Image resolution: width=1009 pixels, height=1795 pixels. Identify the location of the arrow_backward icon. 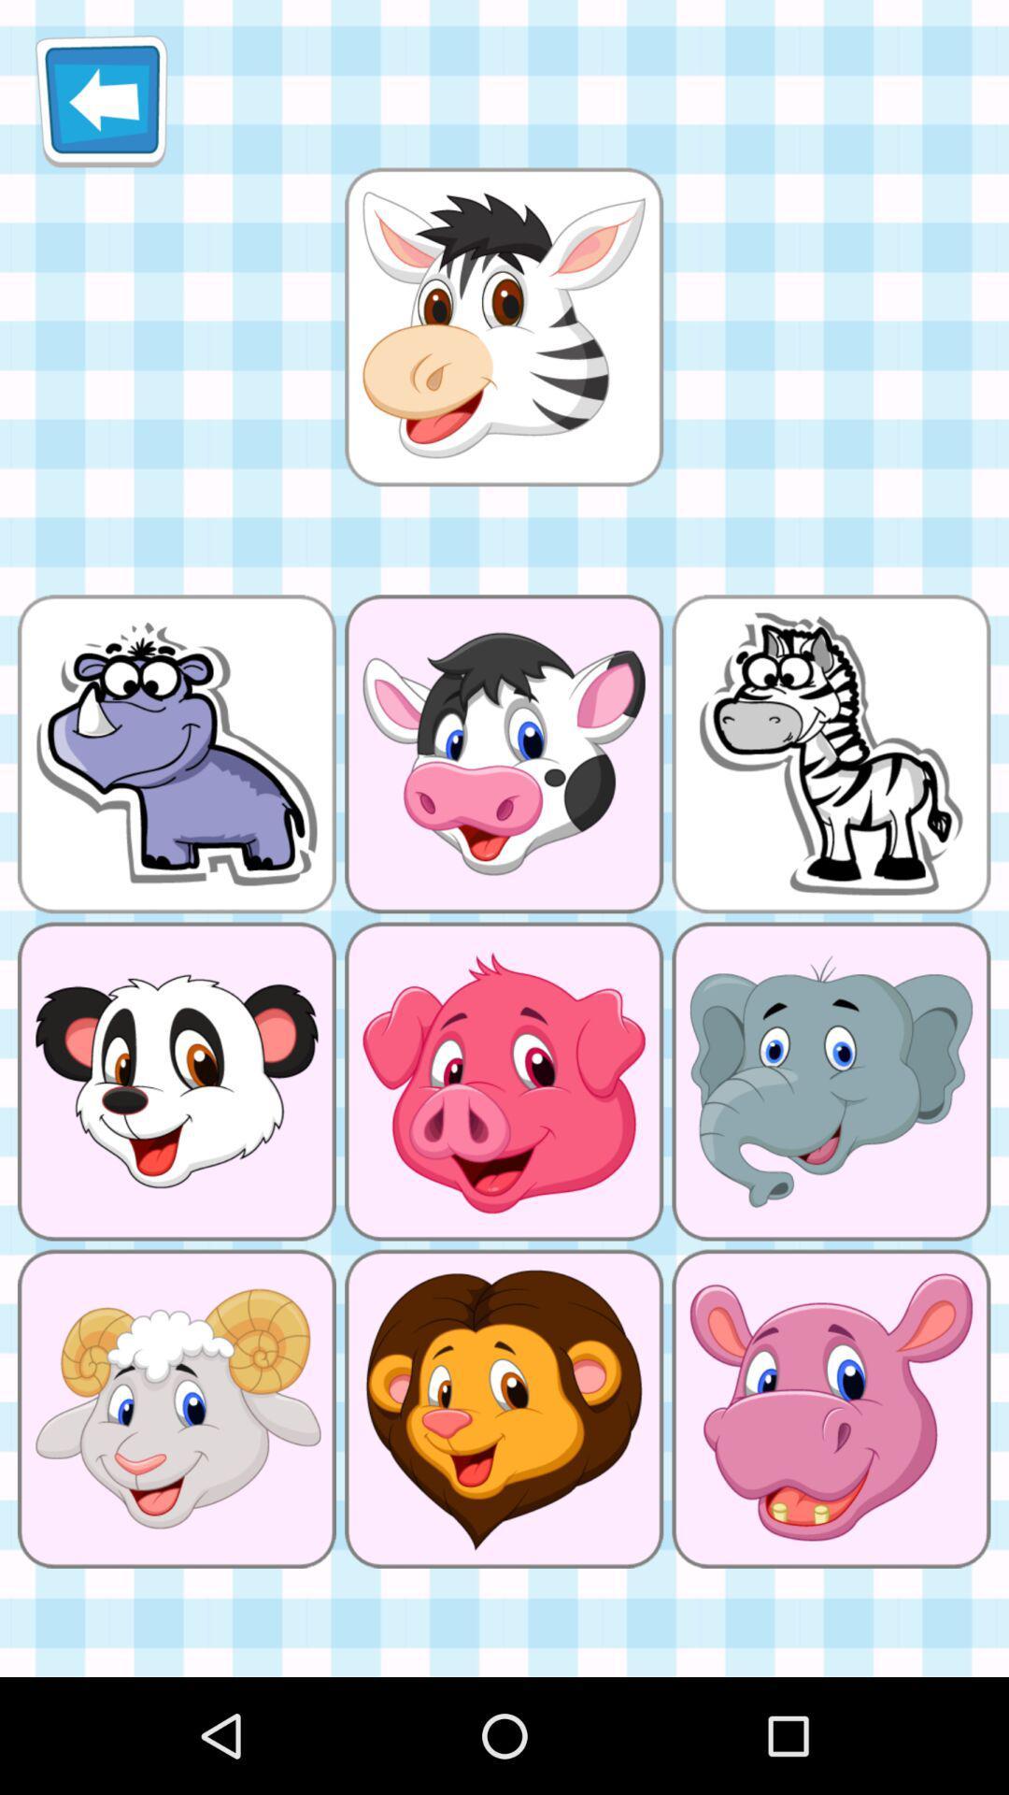
(101, 108).